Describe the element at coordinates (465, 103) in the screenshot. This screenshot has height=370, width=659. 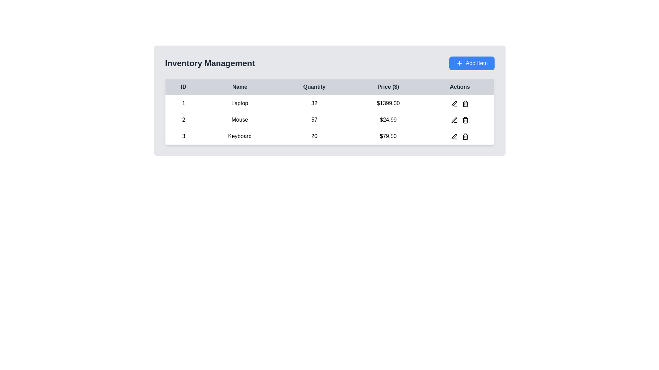
I see `the delete icon button located in the 'Actions' column of the first row in the table` at that location.